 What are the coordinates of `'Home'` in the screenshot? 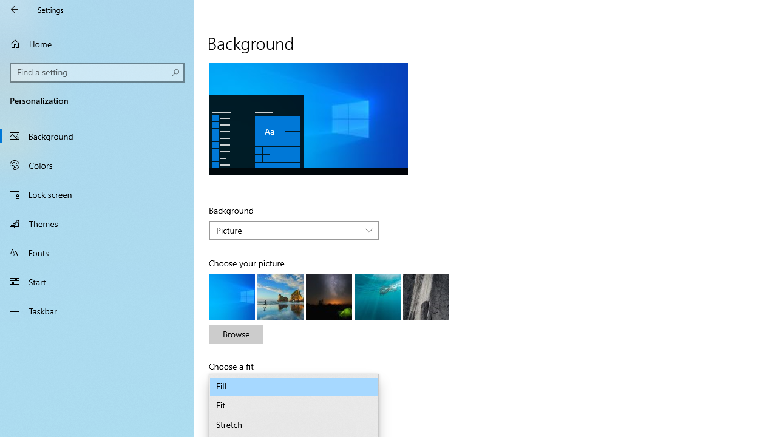 It's located at (97, 43).